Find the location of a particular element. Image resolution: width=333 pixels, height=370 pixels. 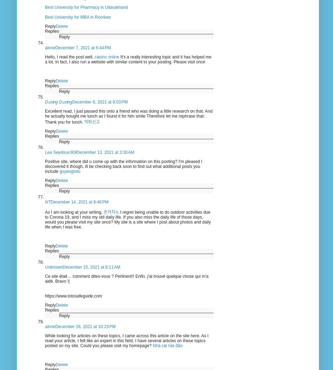

'December 7, 2021 at 6:44 PM' is located at coordinates (82, 47).